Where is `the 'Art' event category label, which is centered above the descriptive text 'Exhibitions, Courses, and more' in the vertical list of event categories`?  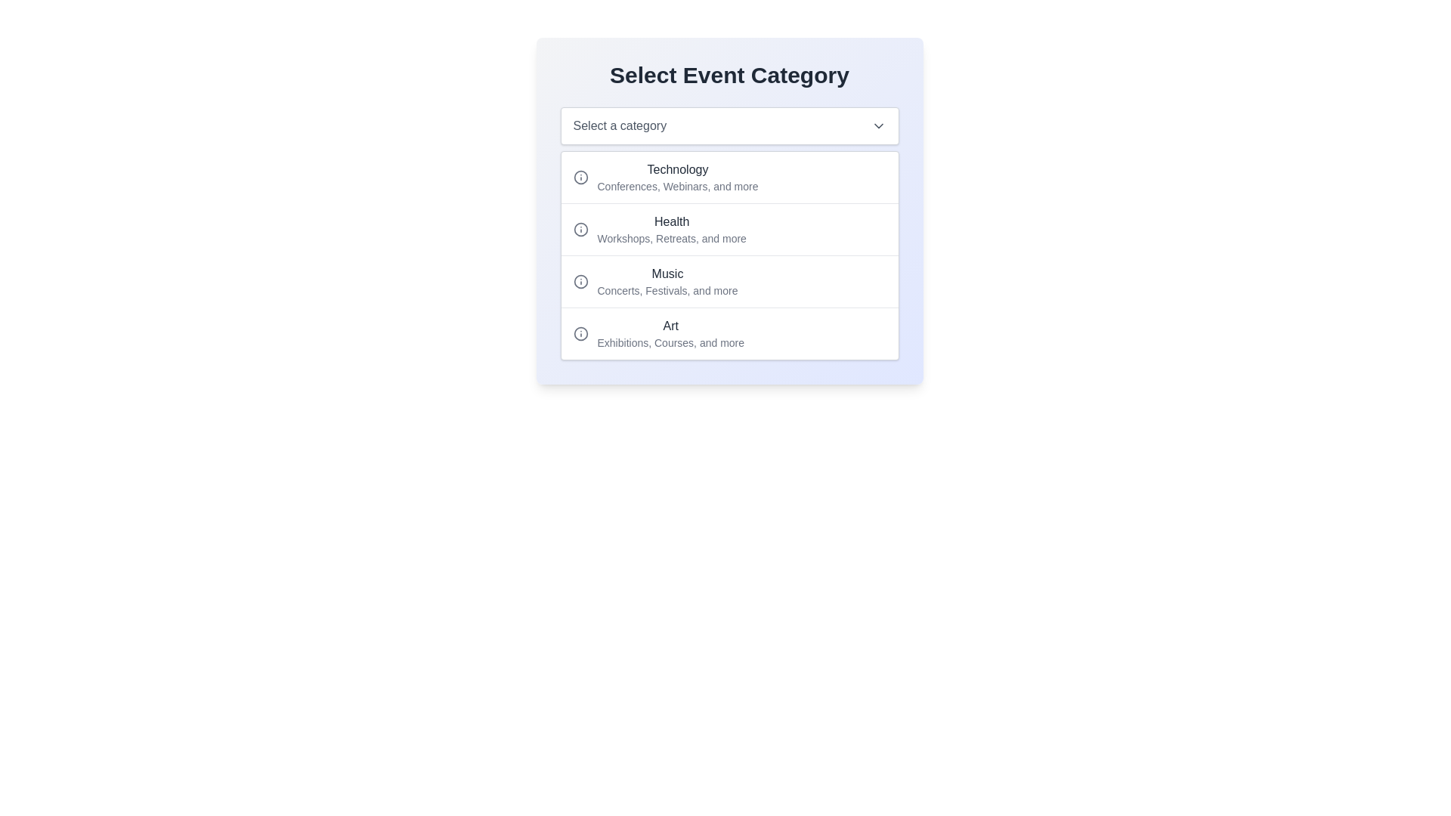
the 'Art' event category label, which is centered above the descriptive text 'Exhibitions, Courses, and more' in the vertical list of event categories is located at coordinates (670, 326).